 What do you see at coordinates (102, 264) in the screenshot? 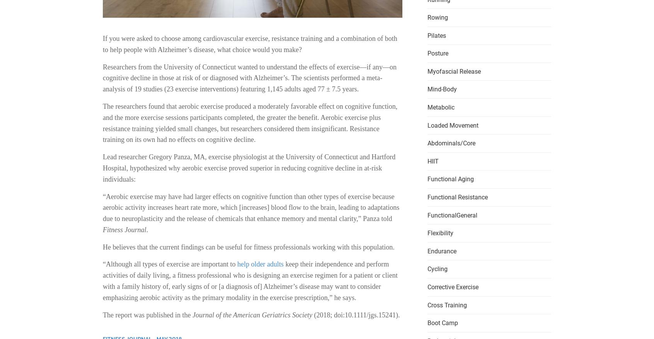
I see `'“Although all types of exercise are important to'` at bounding box center [102, 264].